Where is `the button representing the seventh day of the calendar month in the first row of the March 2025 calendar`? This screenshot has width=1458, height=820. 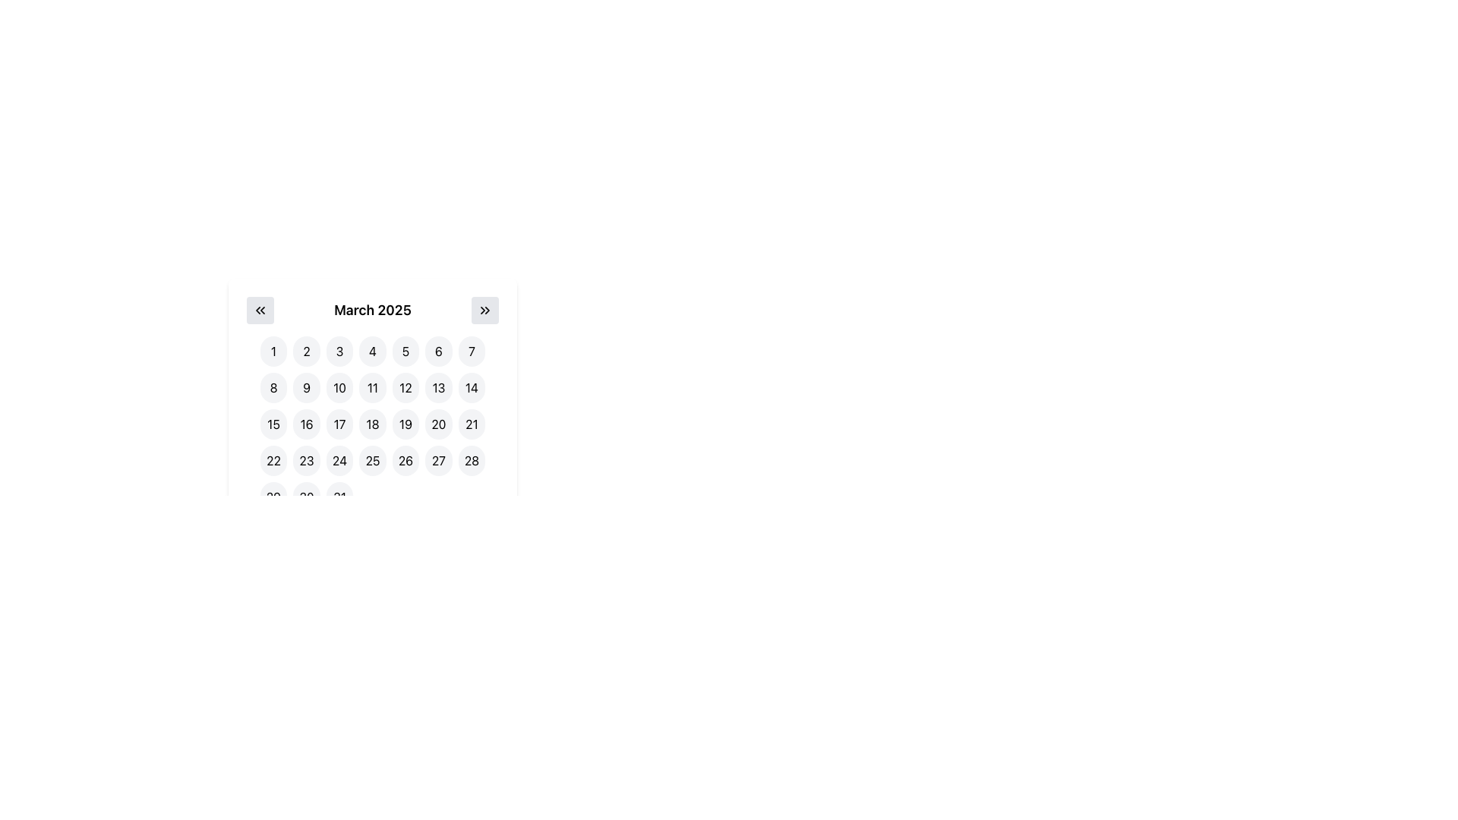
the button representing the seventh day of the calendar month in the first row of the March 2025 calendar is located at coordinates (471, 351).